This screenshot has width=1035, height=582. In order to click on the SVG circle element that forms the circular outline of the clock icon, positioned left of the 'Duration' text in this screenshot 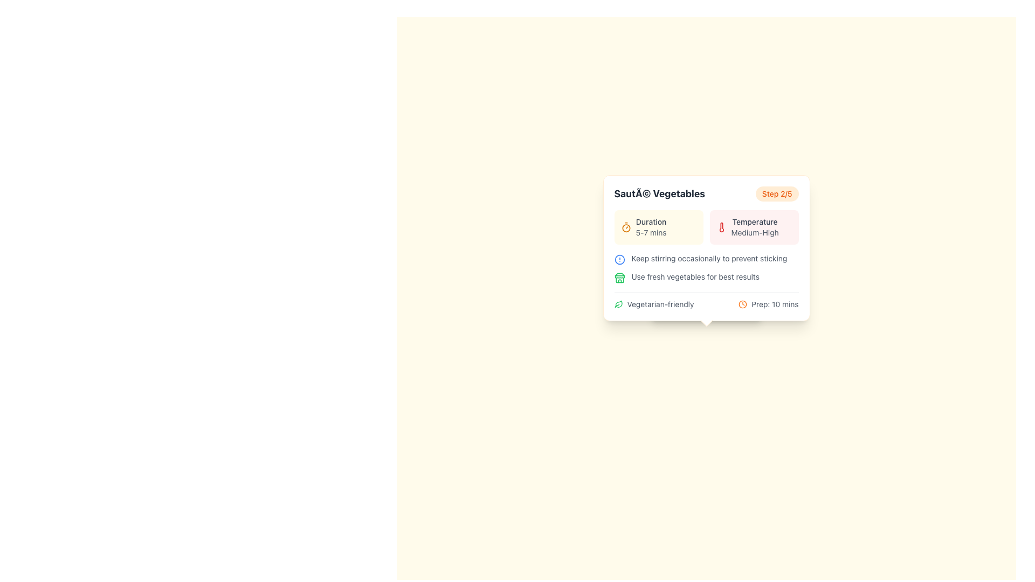, I will do `click(742, 304)`.